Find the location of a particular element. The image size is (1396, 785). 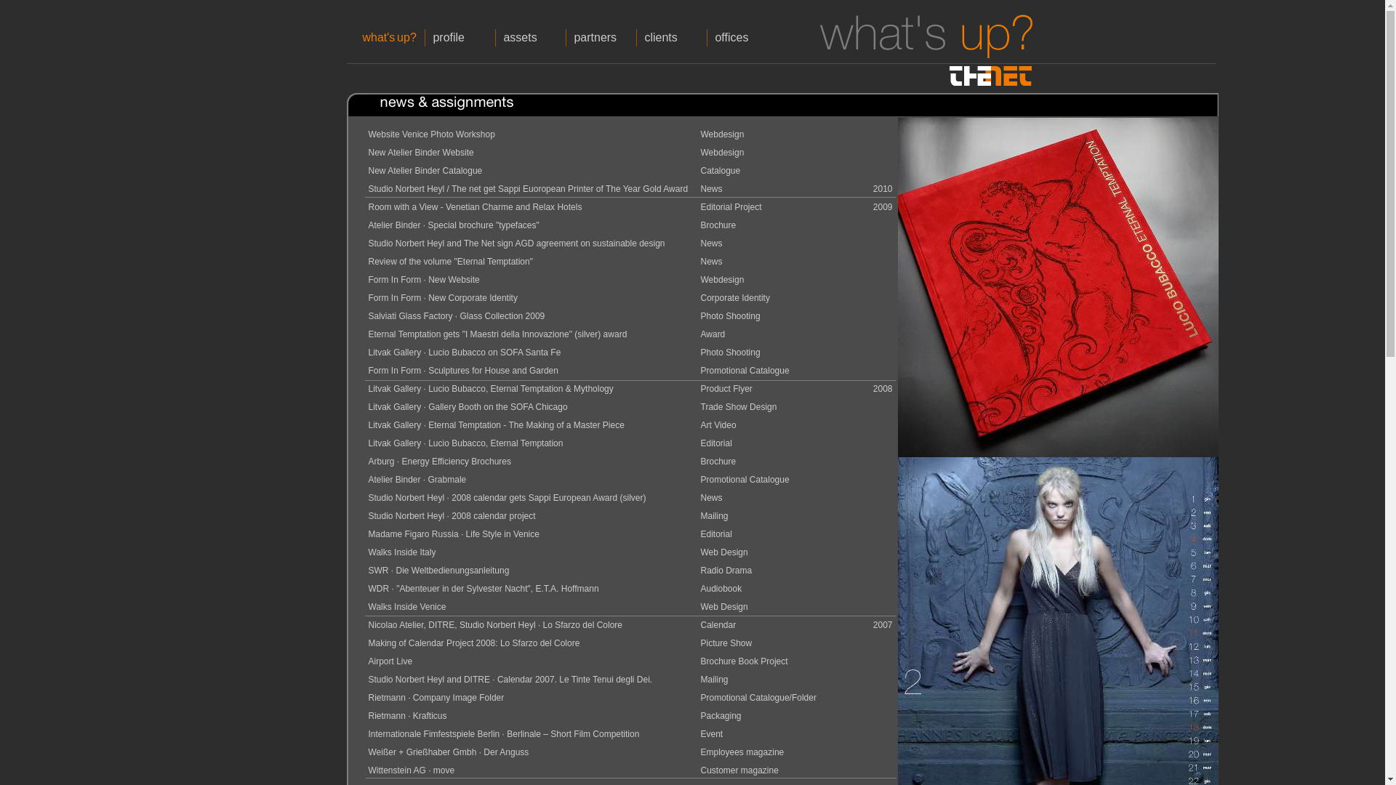

'offices' is located at coordinates (742, 36).